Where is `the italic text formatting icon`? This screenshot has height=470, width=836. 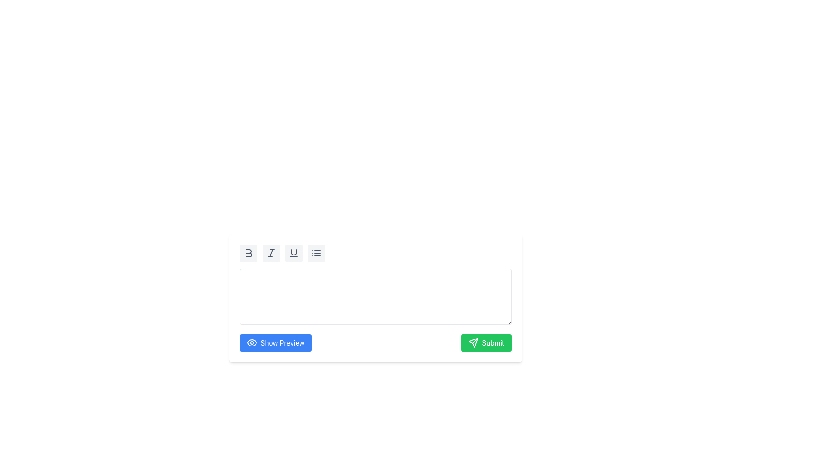 the italic text formatting icon is located at coordinates (270, 253).